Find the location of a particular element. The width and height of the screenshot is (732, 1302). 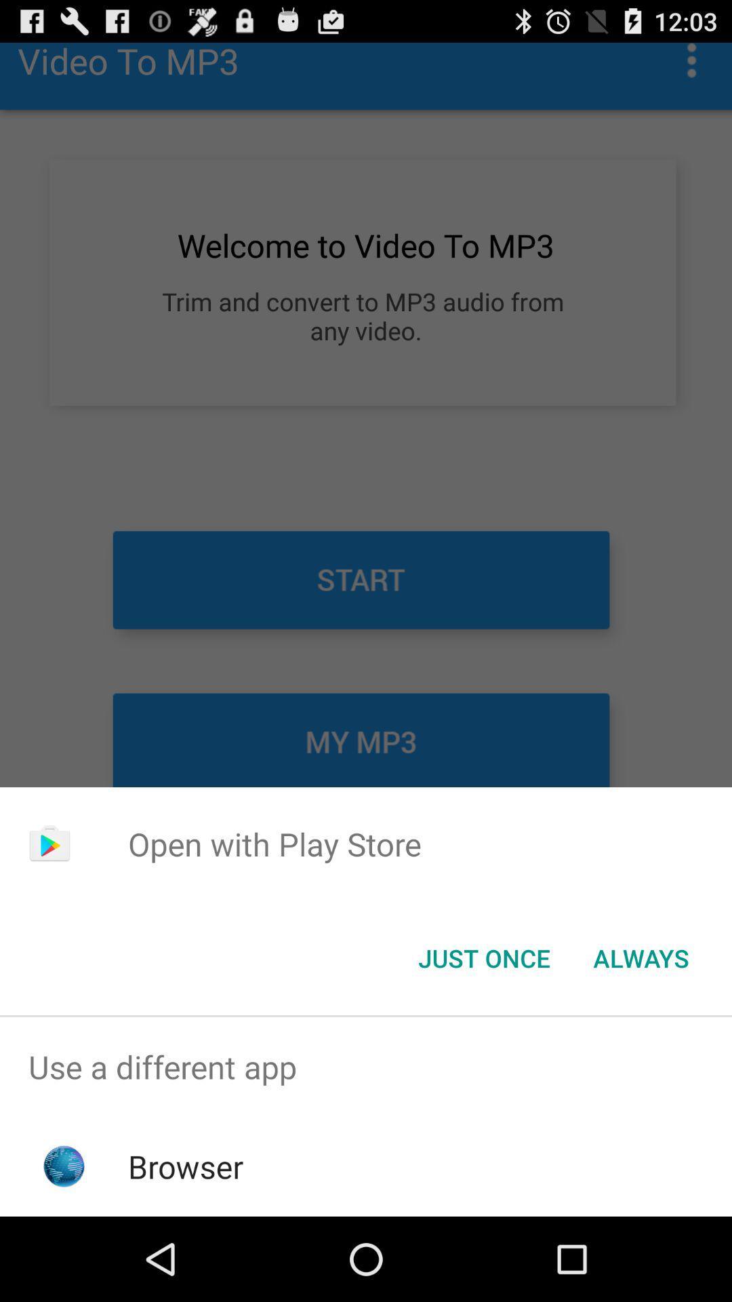

item to the left of the always button is located at coordinates (483, 957).